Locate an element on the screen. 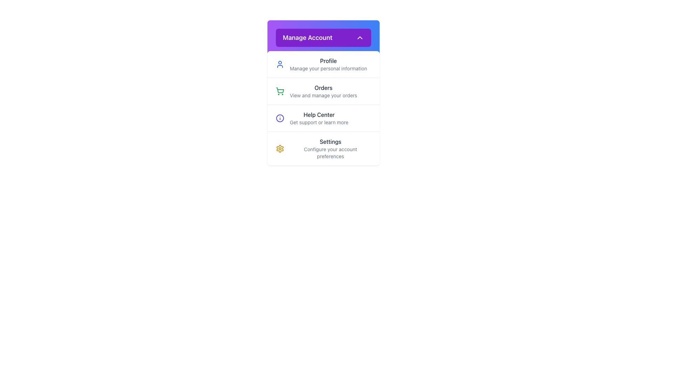  the third menu item in the 'Manage Account' section is located at coordinates (323, 118).